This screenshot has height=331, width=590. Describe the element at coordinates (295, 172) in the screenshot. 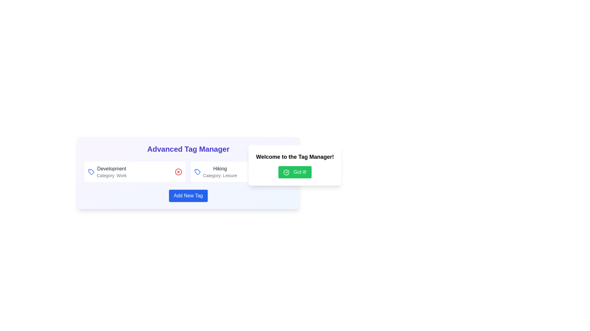

I see `the green button labeled 'Got it!' with a checkmark icon to confirm in the pop-up dialog 'Welcome to the Tag Manager!'` at that location.